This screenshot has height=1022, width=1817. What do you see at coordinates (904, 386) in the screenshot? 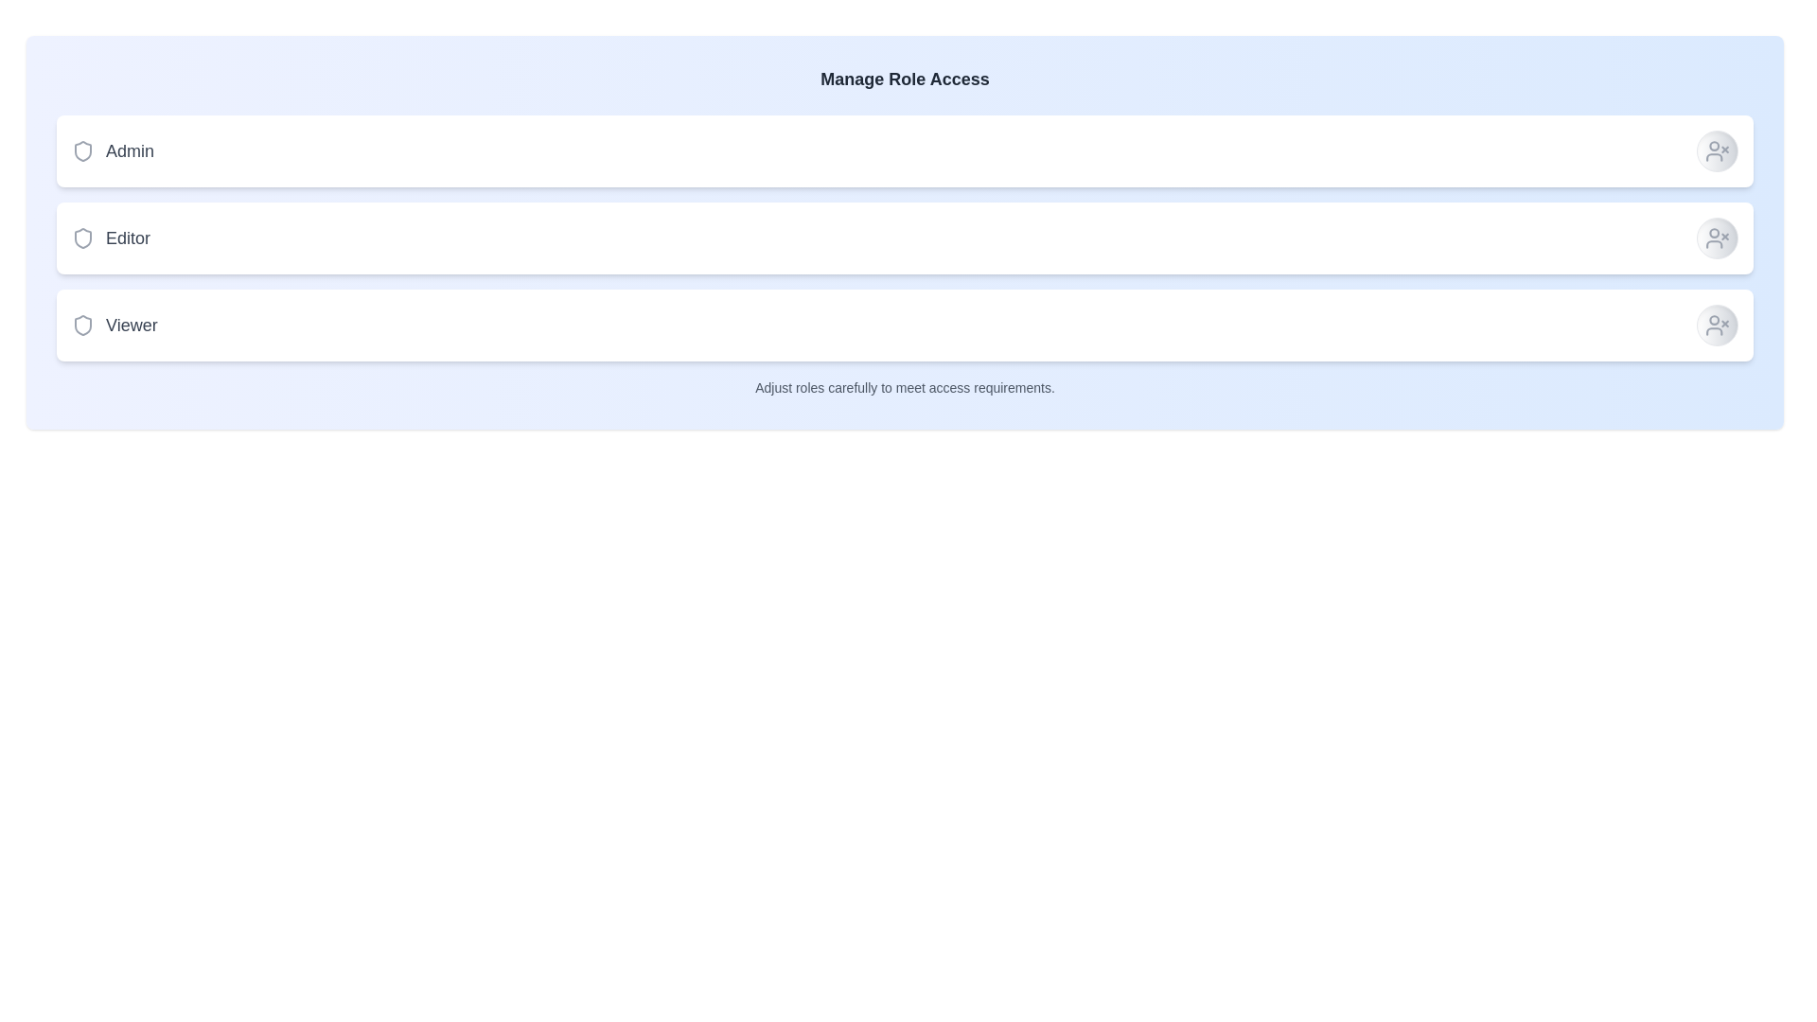
I see `the informational text label that guides users on adjusting roles, located below the 'Viewer' option in the roles section` at bounding box center [904, 386].